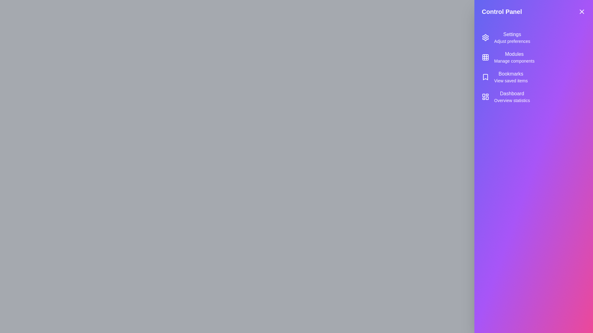 The image size is (593, 333). Describe the element at coordinates (485, 77) in the screenshot. I see `the 'Bookmarks' menu item represented by the bookmark icon located below the 'Modules' icon and above the 'Dashboard' icon in the control panel` at that location.